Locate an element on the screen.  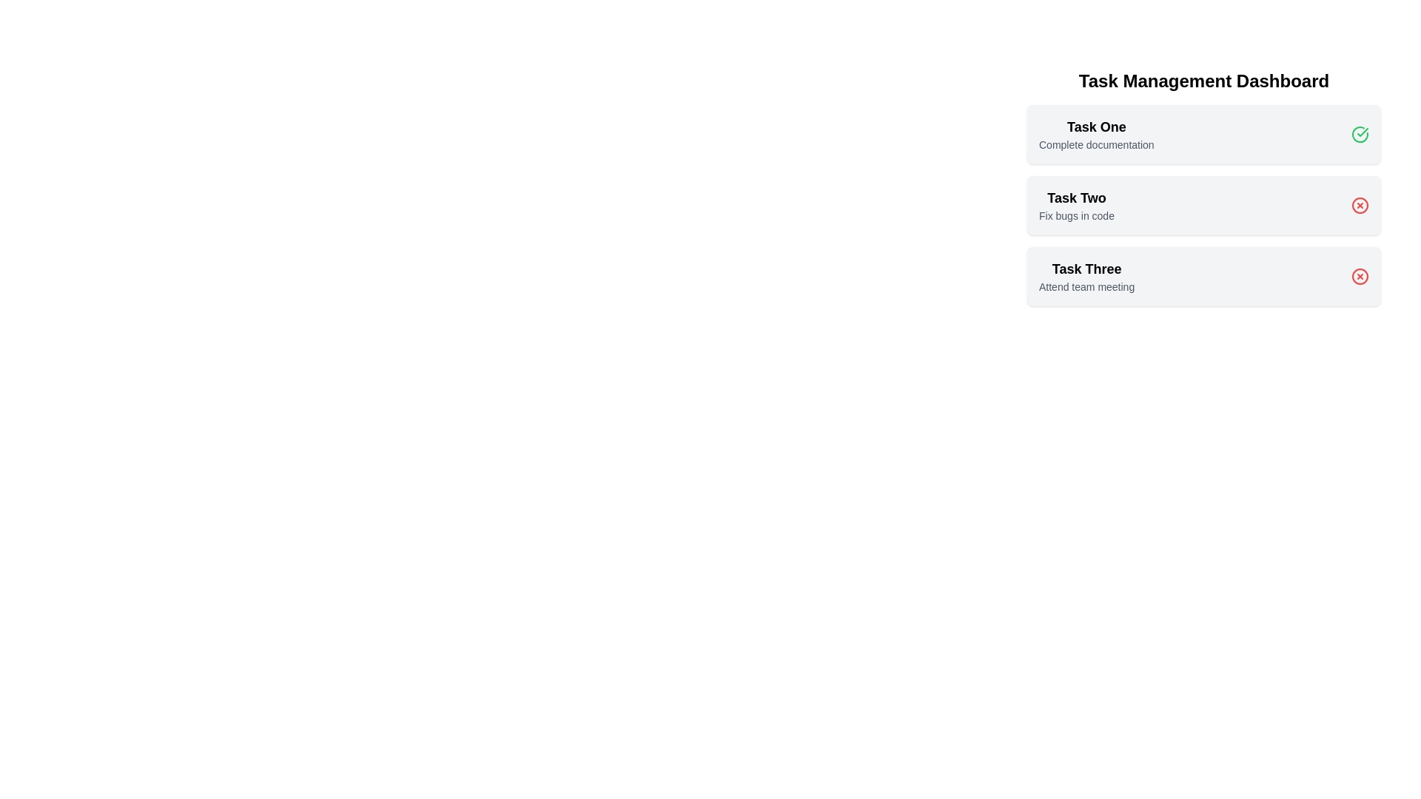
the task item Task One to open its context menu is located at coordinates (1096, 134).